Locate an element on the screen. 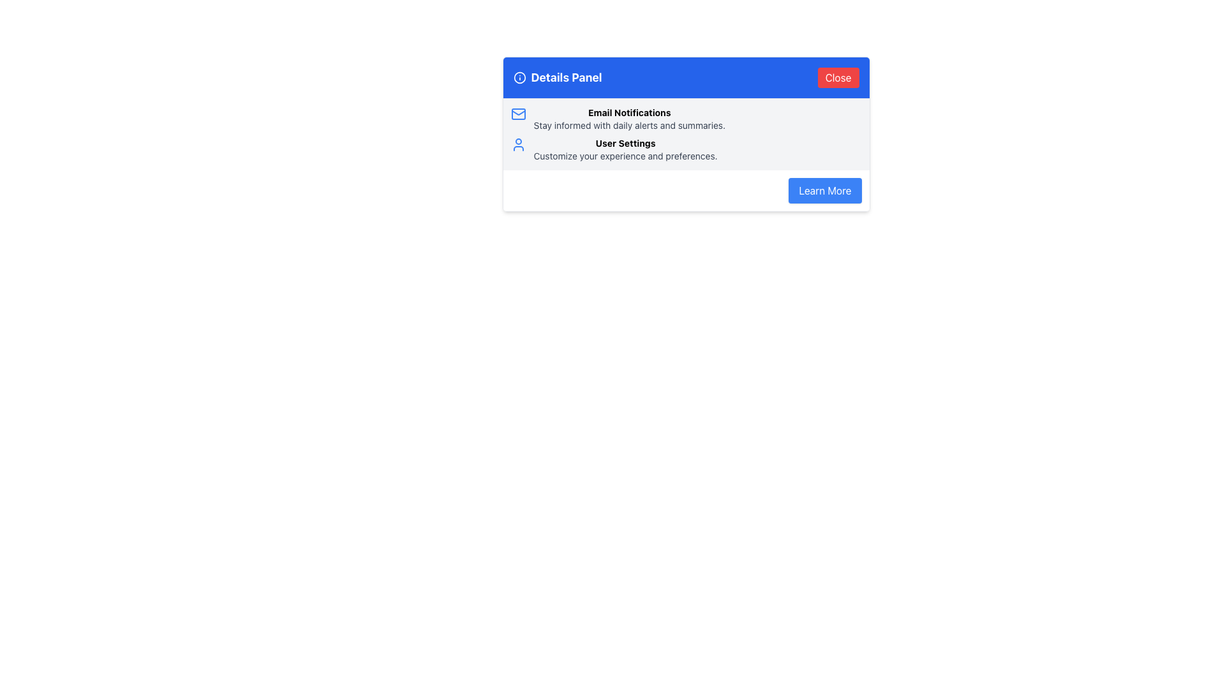  the 'Details Panel' text label located centrally in the header of the pop-up panel, positioned to the right of the information icon is located at coordinates (566, 78).